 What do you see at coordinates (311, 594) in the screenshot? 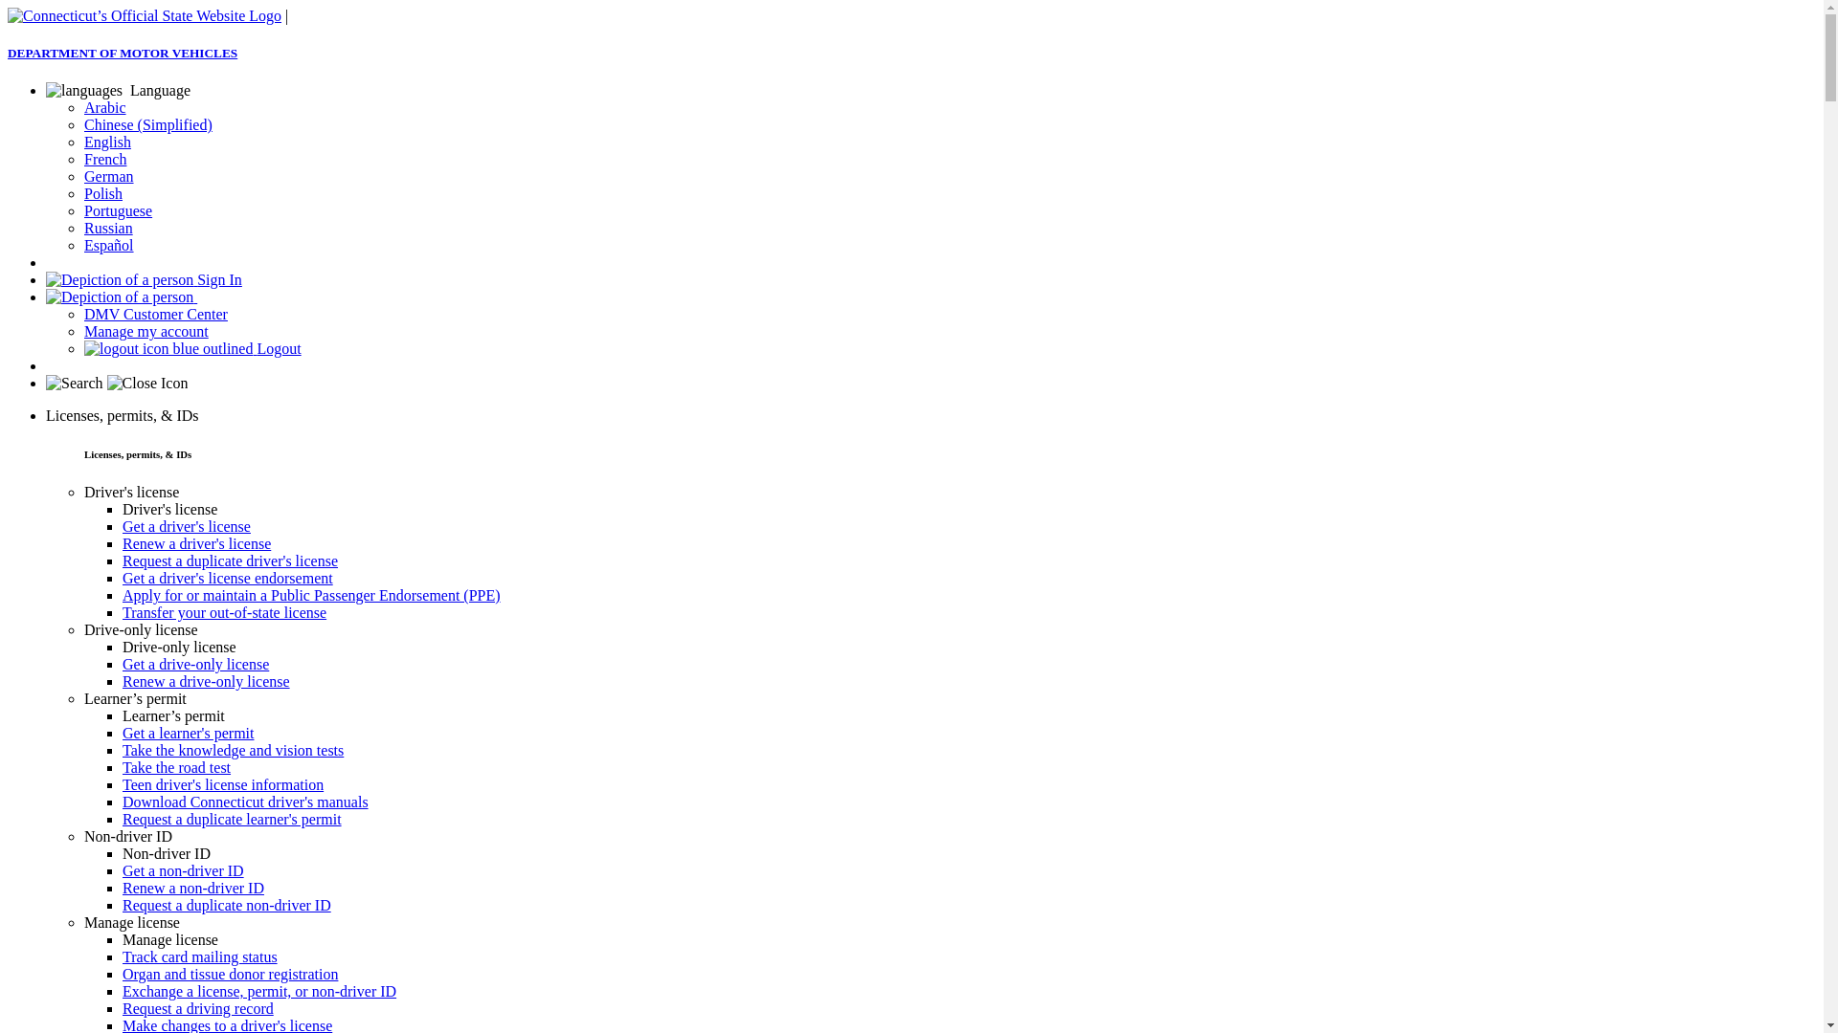
I see `'Apply for or maintain a Public Passenger Endorsement (PPE)'` at bounding box center [311, 594].